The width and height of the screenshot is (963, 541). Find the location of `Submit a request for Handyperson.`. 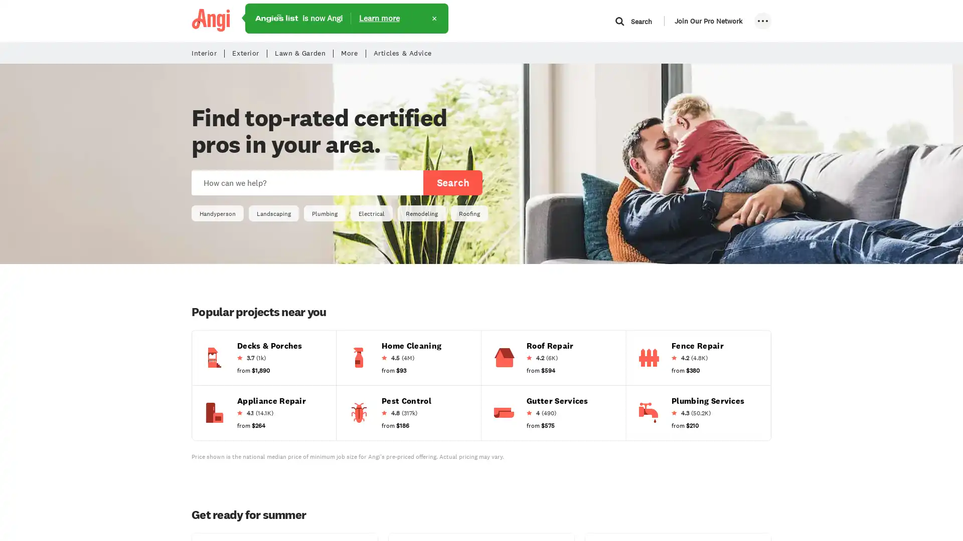

Submit a request for Handyperson. is located at coordinates (217, 212).